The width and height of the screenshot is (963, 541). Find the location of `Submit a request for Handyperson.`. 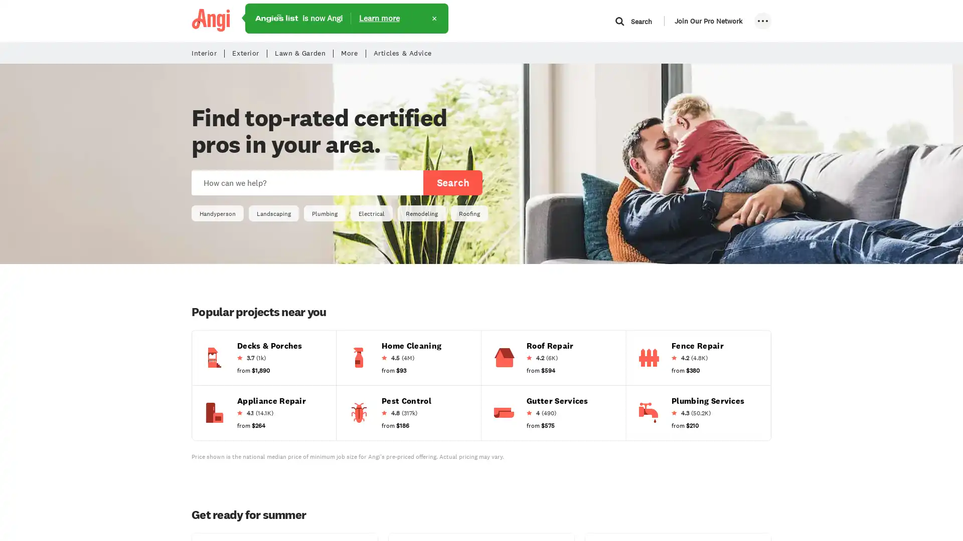

Submit a request for Handyperson. is located at coordinates (217, 212).